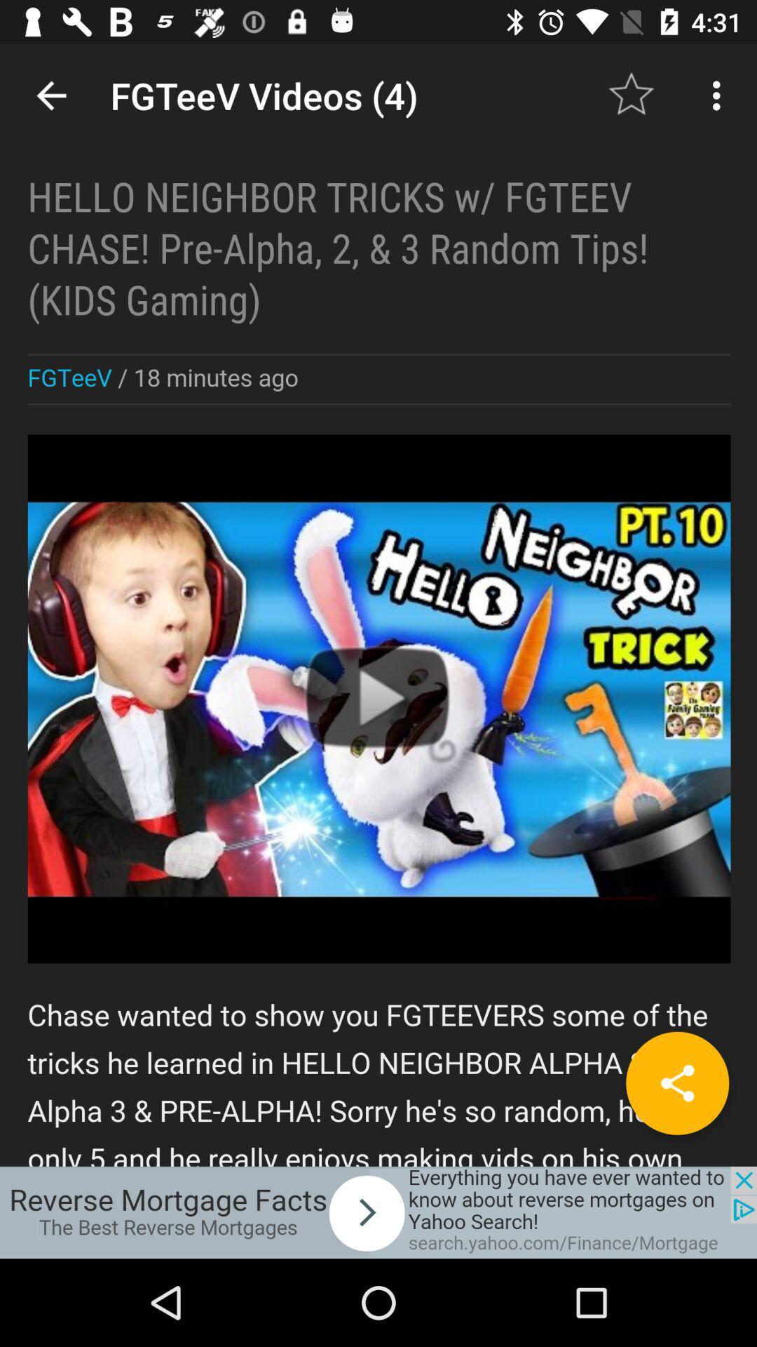  Describe the element at coordinates (676, 1083) in the screenshot. I see `the share icon` at that location.